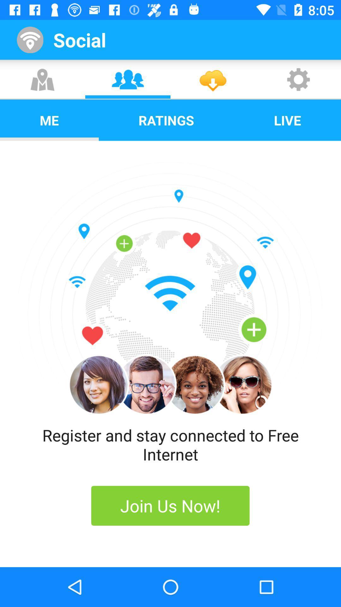 The image size is (341, 607). I want to click on the settings icon on the top right, so click(298, 79).